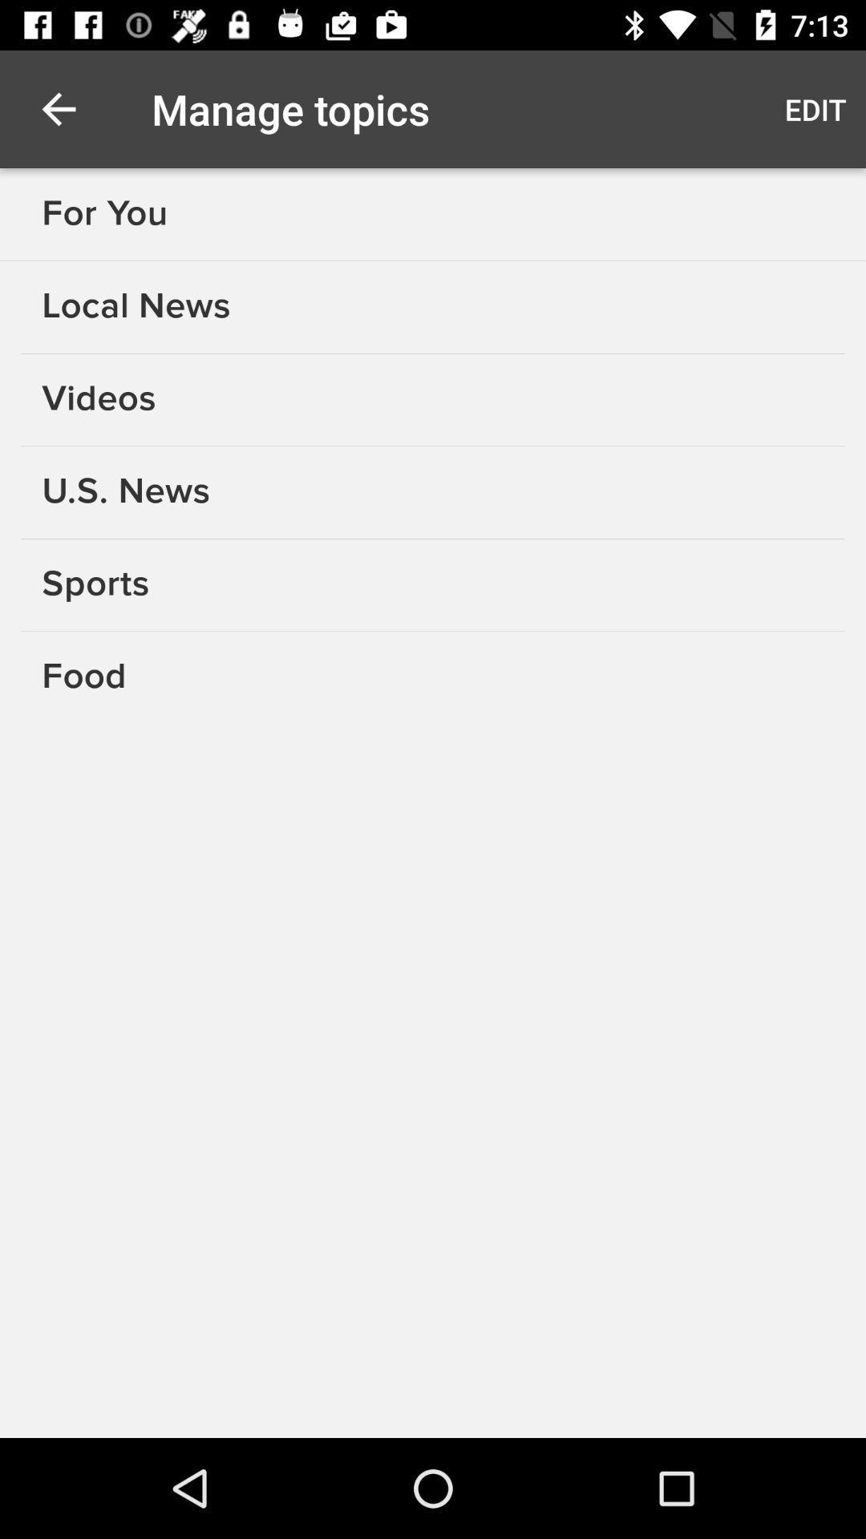 The height and width of the screenshot is (1539, 866). What do you see at coordinates (58, 108) in the screenshot?
I see `icon next to manage topics icon` at bounding box center [58, 108].